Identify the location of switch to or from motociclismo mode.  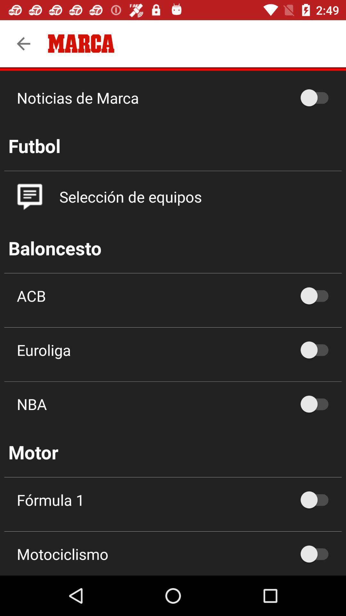
(317, 553).